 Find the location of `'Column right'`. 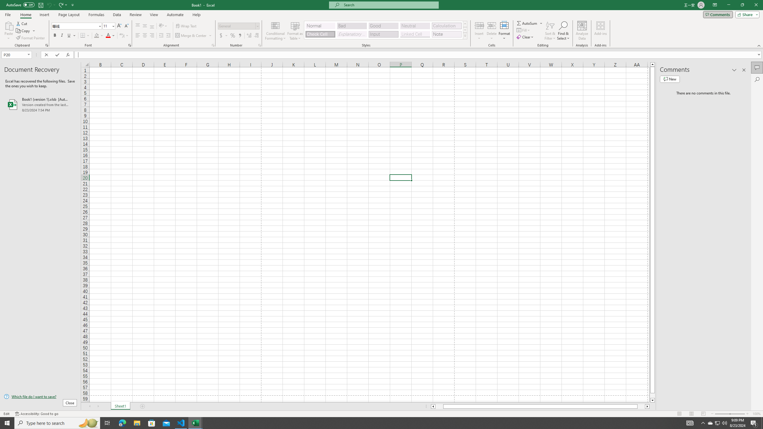

'Column right' is located at coordinates (647, 406).